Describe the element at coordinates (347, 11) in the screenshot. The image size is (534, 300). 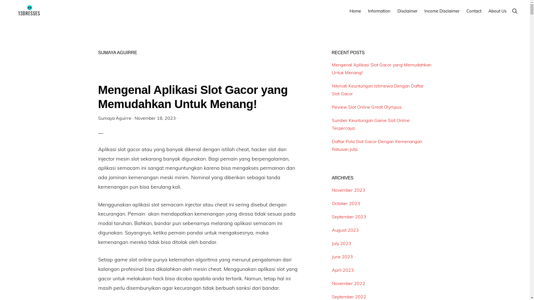
I see `'Home'` at that location.